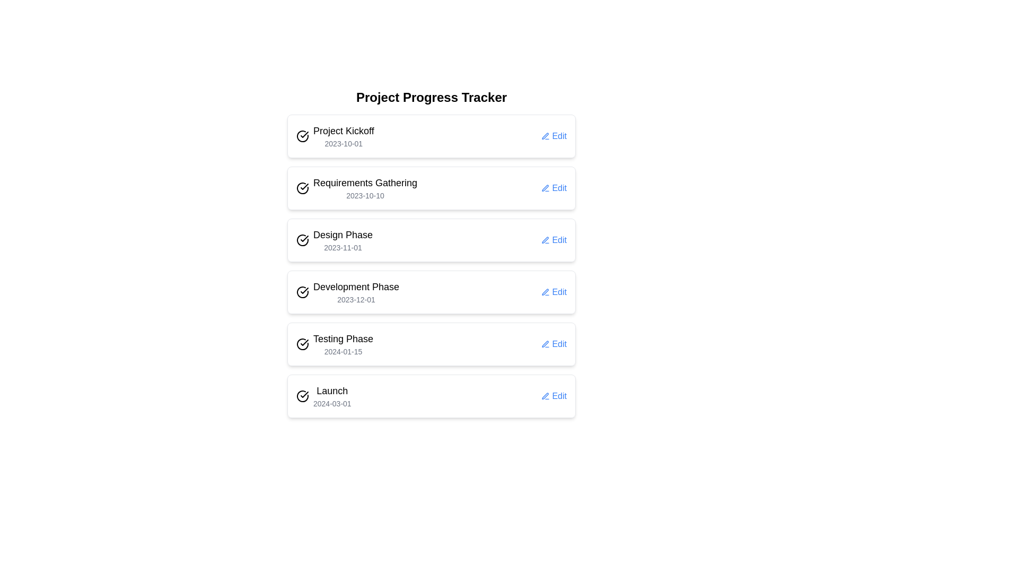 Image resolution: width=1018 pixels, height=573 pixels. Describe the element at coordinates (304, 290) in the screenshot. I see `the small right-pointing checkmark icon located to the left of the 'Development Phase' text, which indicates completion or correctness` at that location.